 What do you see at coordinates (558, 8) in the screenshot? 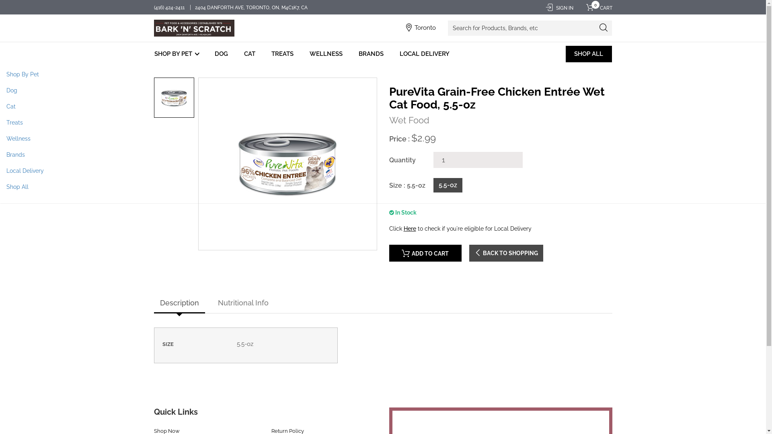
I see `'SIGN IN'` at bounding box center [558, 8].